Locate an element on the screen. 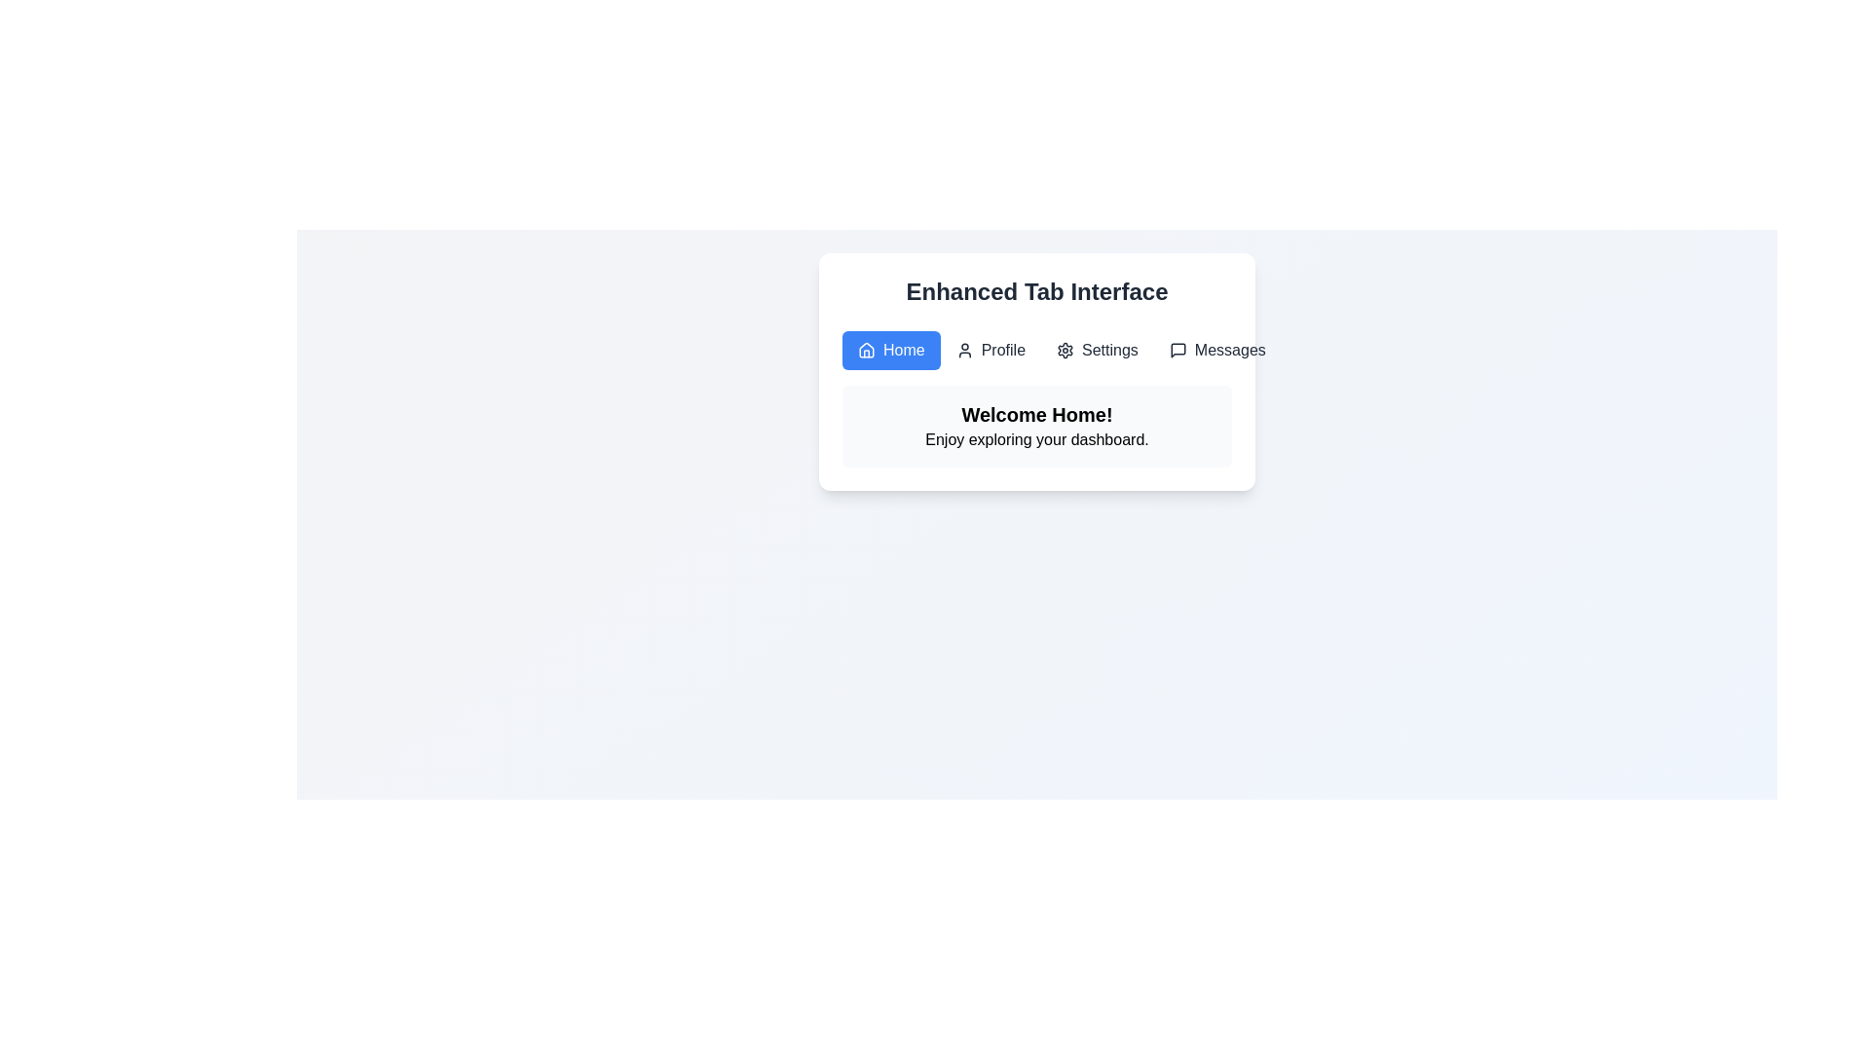 This screenshot has width=1870, height=1052. the 'Messages' button in the navigation bar is located at coordinates (1216, 349).